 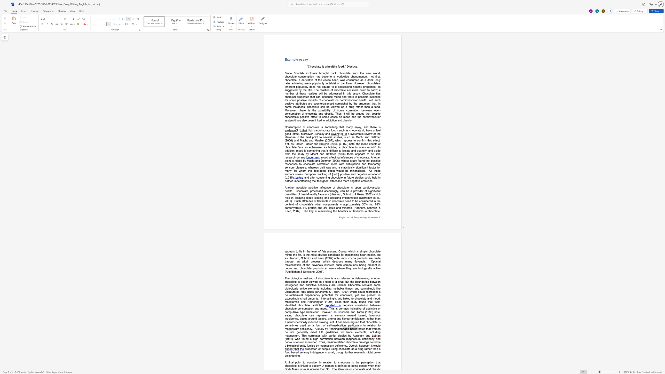 What do you see at coordinates (354, 268) in the screenshot?
I see `the space between the continuous character "a" and "r" in the text` at bounding box center [354, 268].